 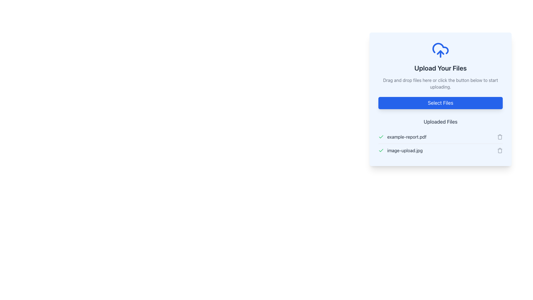 I want to click on the text label displaying the file name 'image-upload.jpg', which is aligned horizontally with a green checkmark icon, indicating file upload success, so click(x=405, y=151).